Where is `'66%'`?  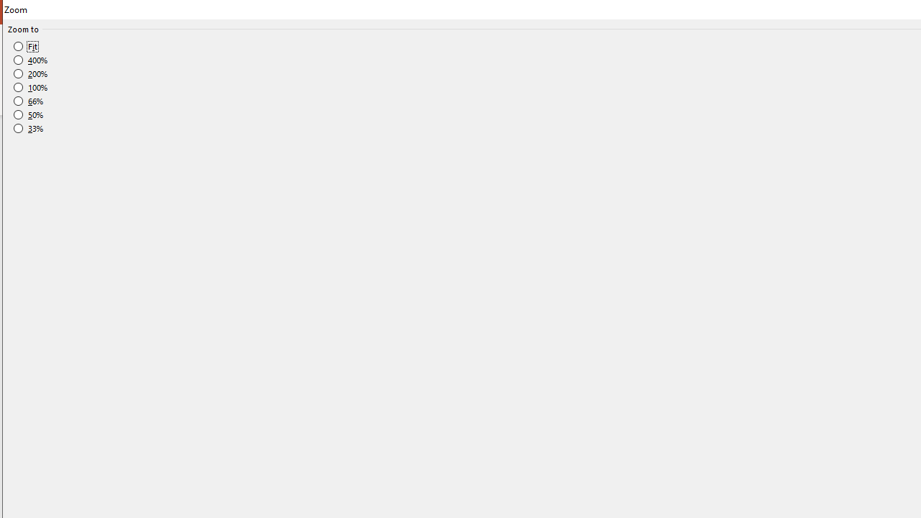 '66%' is located at coordinates (29, 101).